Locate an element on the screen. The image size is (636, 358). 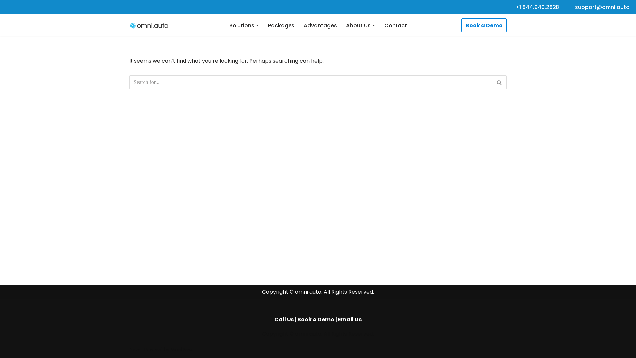
'Book a Demo' is located at coordinates (484, 25).